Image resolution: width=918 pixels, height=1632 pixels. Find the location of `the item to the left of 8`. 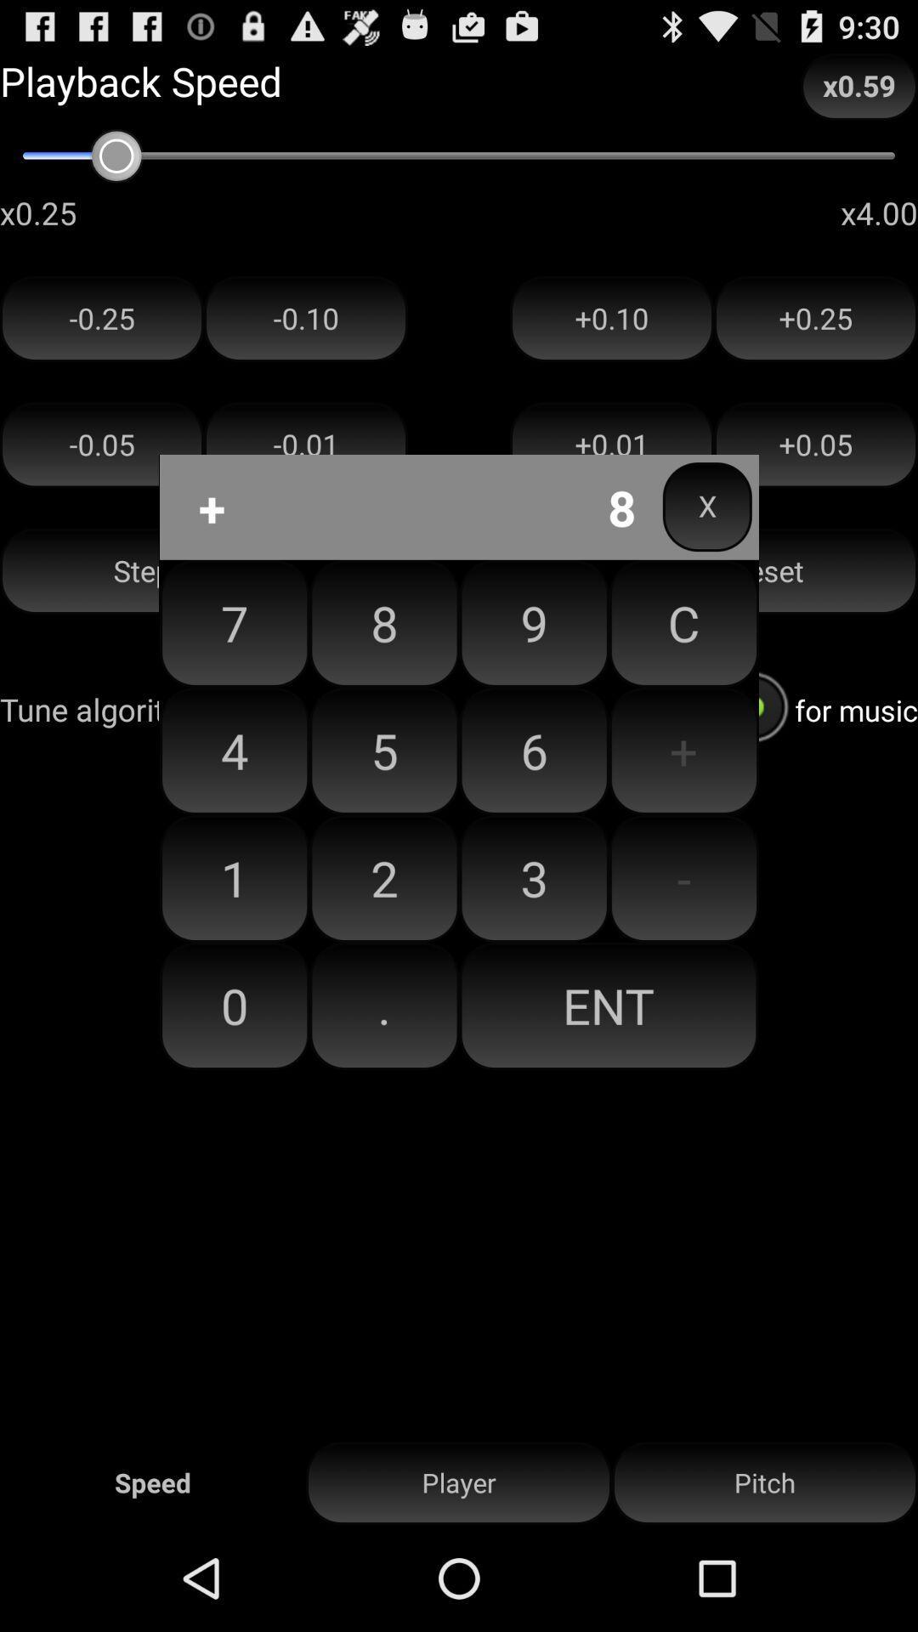

the item to the left of 8 is located at coordinates (234, 750).